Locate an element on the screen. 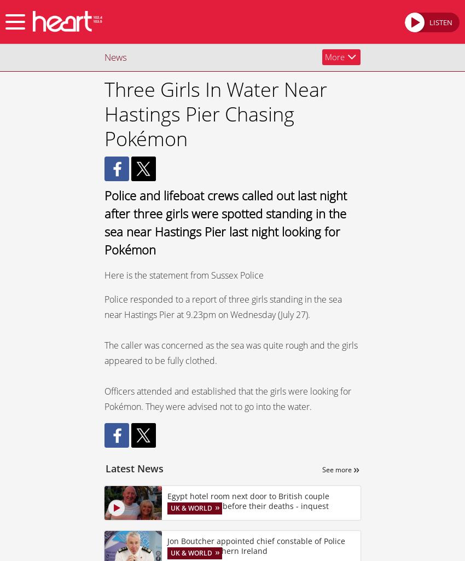 The height and width of the screenshot is (561, 465). 'Police responded to a report of three girls standing in the sea near Hastings Pier at 9.23pm on Wednesday (July 27).' is located at coordinates (103, 306).